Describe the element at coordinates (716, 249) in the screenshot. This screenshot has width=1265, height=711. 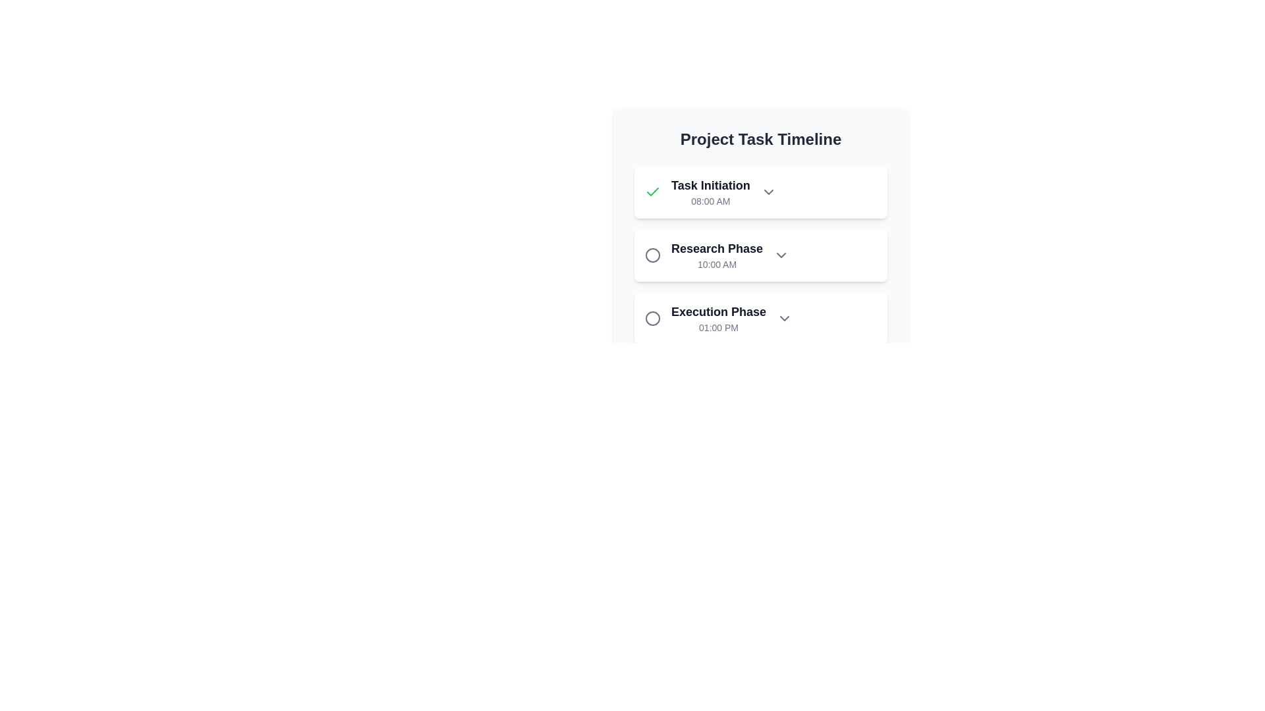
I see `the Text Label that serves as a label for the second timeline entry in the project timeline, positioned above the '10:00 AM' time label` at that location.